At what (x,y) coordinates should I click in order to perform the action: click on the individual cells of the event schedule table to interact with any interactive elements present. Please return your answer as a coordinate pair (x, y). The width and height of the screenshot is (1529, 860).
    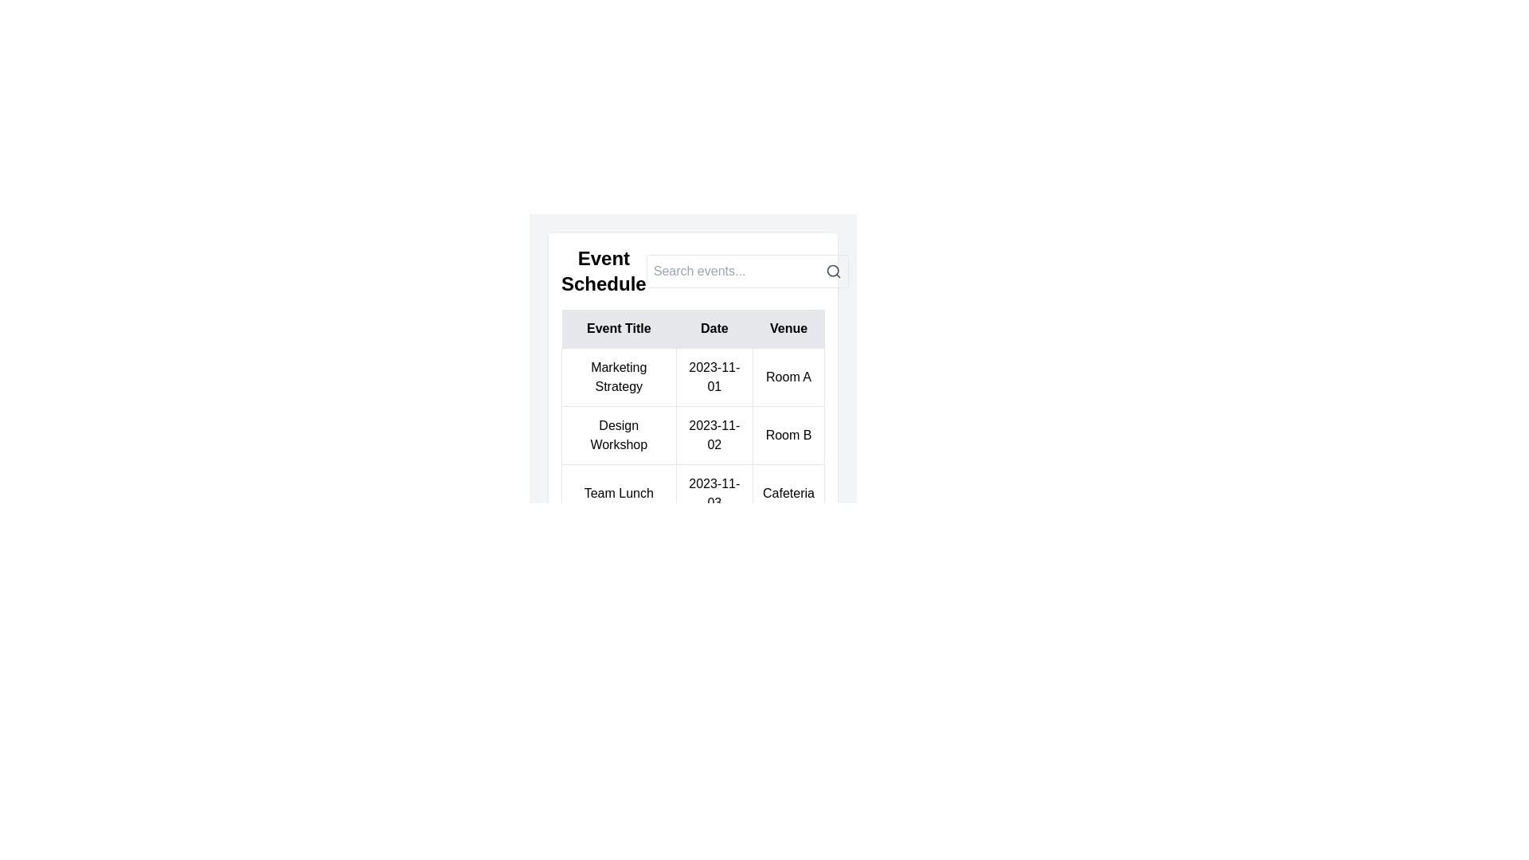
    Looking at the image, I should click on (693, 348).